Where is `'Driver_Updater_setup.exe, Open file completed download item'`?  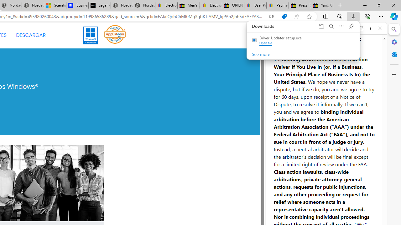
'Driver_Updater_setup.exe, Open file completed download item' is located at coordinates (303, 40).